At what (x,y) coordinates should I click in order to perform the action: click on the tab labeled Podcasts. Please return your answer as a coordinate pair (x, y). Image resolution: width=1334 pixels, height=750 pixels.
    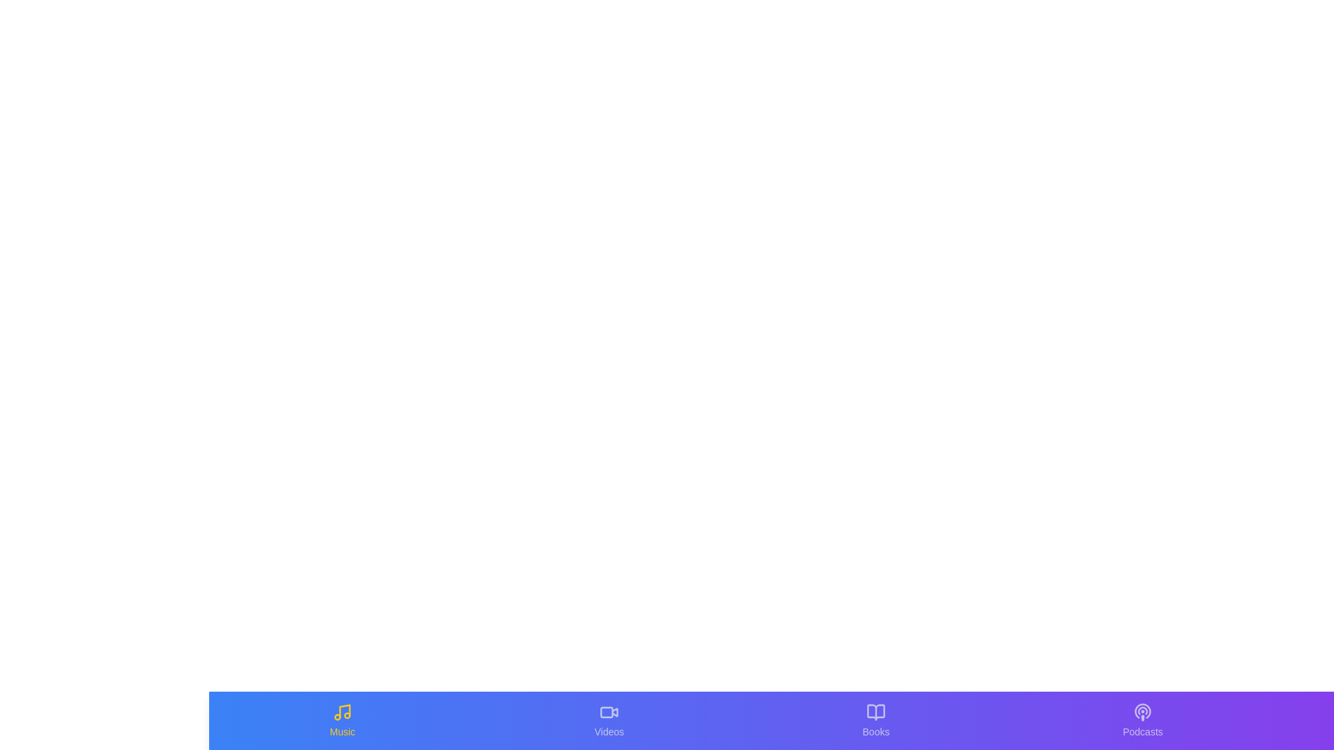
    Looking at the image, I should click on (1143, 719).